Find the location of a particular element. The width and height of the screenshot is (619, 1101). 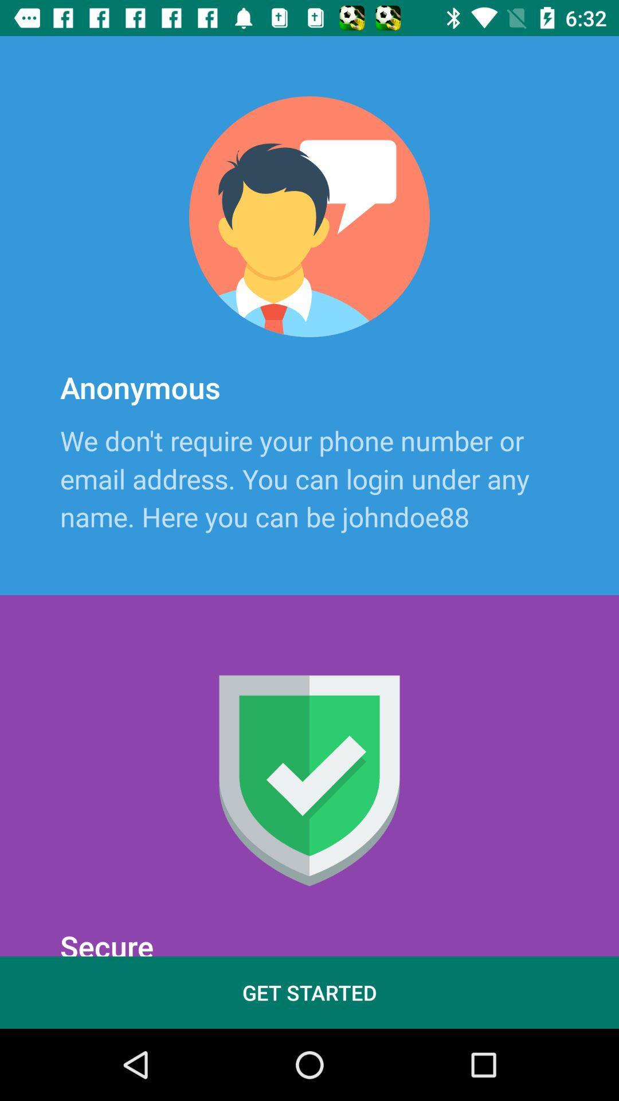

get started icon is located at coordinates (309, 992).